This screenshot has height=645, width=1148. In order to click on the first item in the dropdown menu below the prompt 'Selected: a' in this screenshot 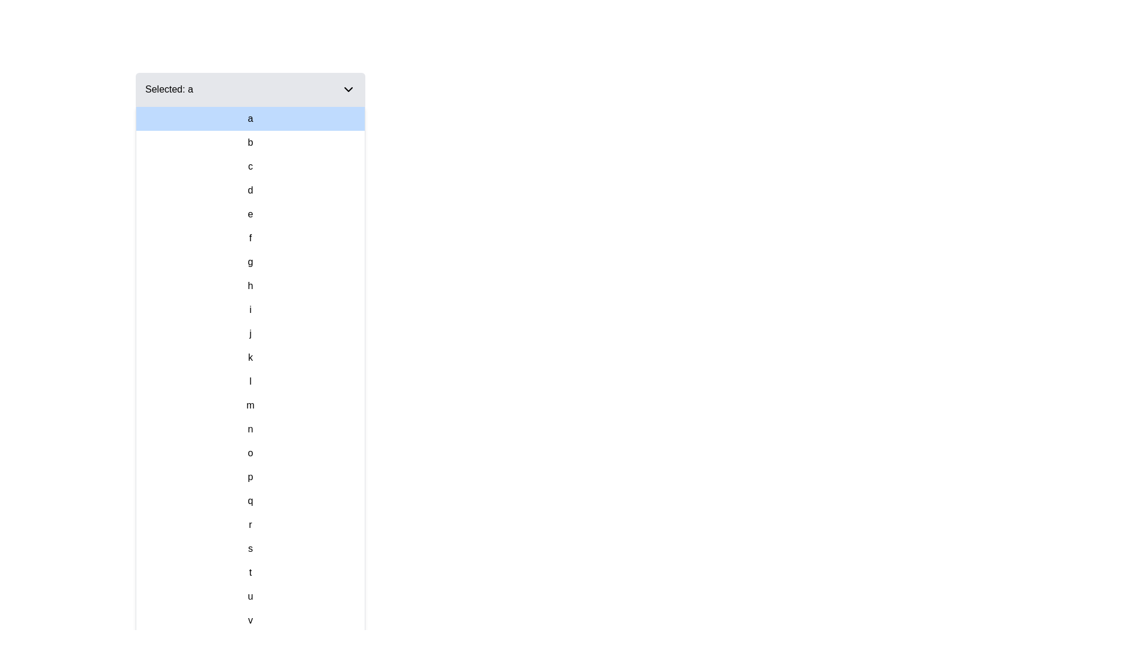, I will do `click(249, 119)`.